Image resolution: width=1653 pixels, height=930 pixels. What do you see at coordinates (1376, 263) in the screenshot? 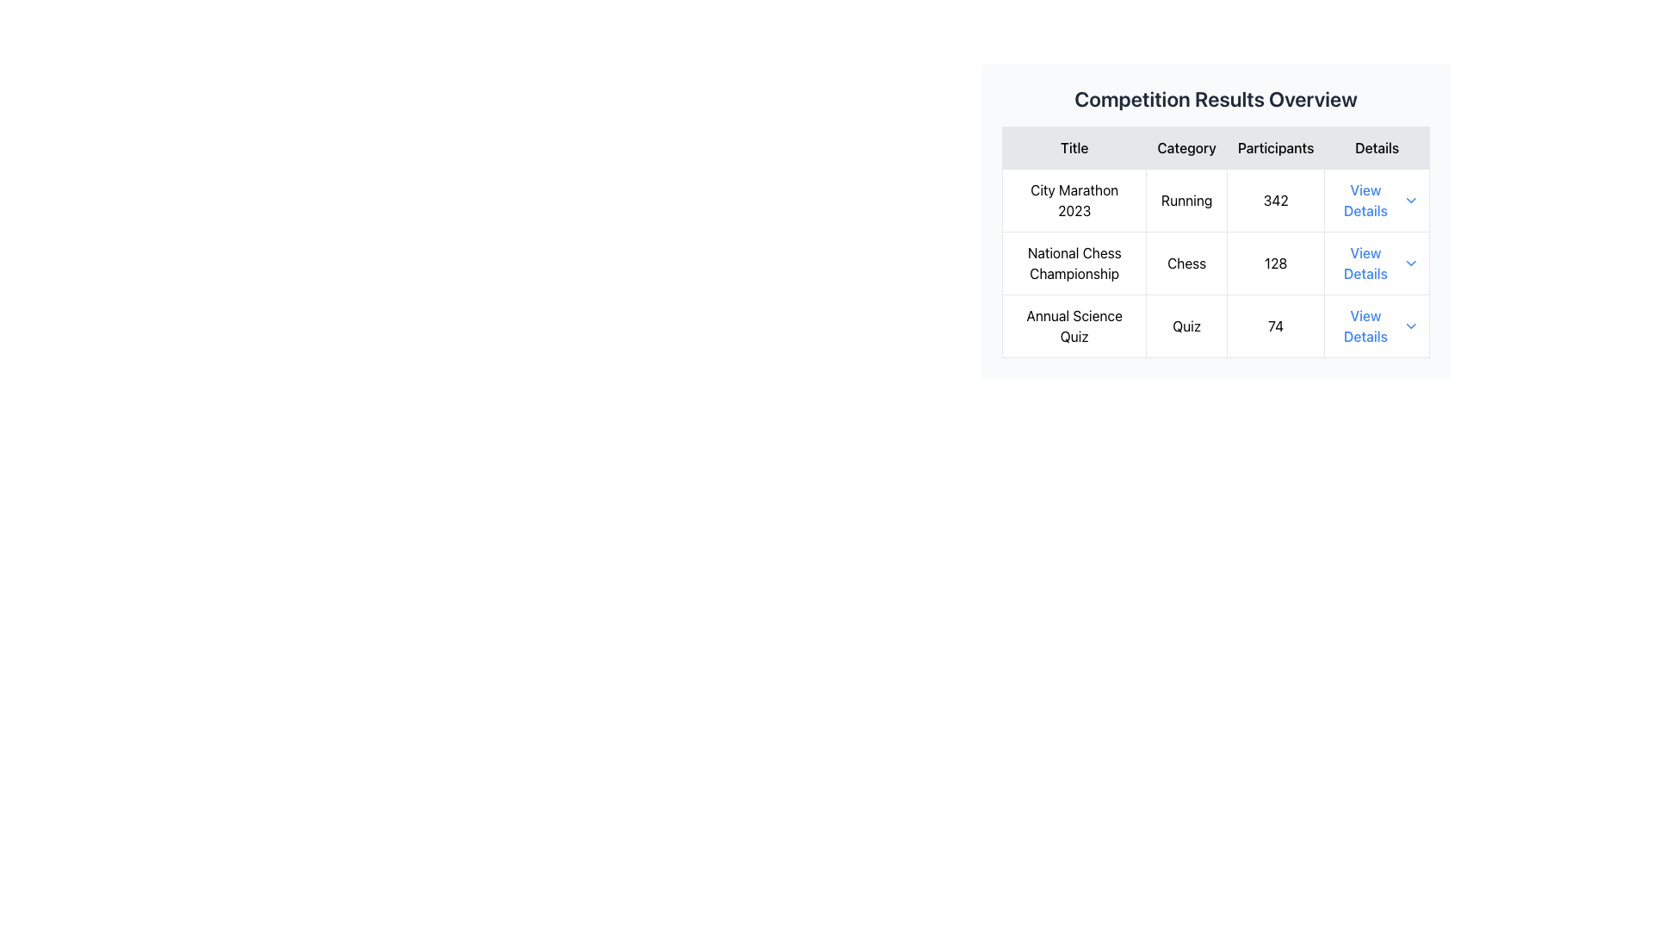
I see `the 'View Details' button in the fourth column of the table for the event 'National Chess Championship'` at bounding box center [1376, 263].